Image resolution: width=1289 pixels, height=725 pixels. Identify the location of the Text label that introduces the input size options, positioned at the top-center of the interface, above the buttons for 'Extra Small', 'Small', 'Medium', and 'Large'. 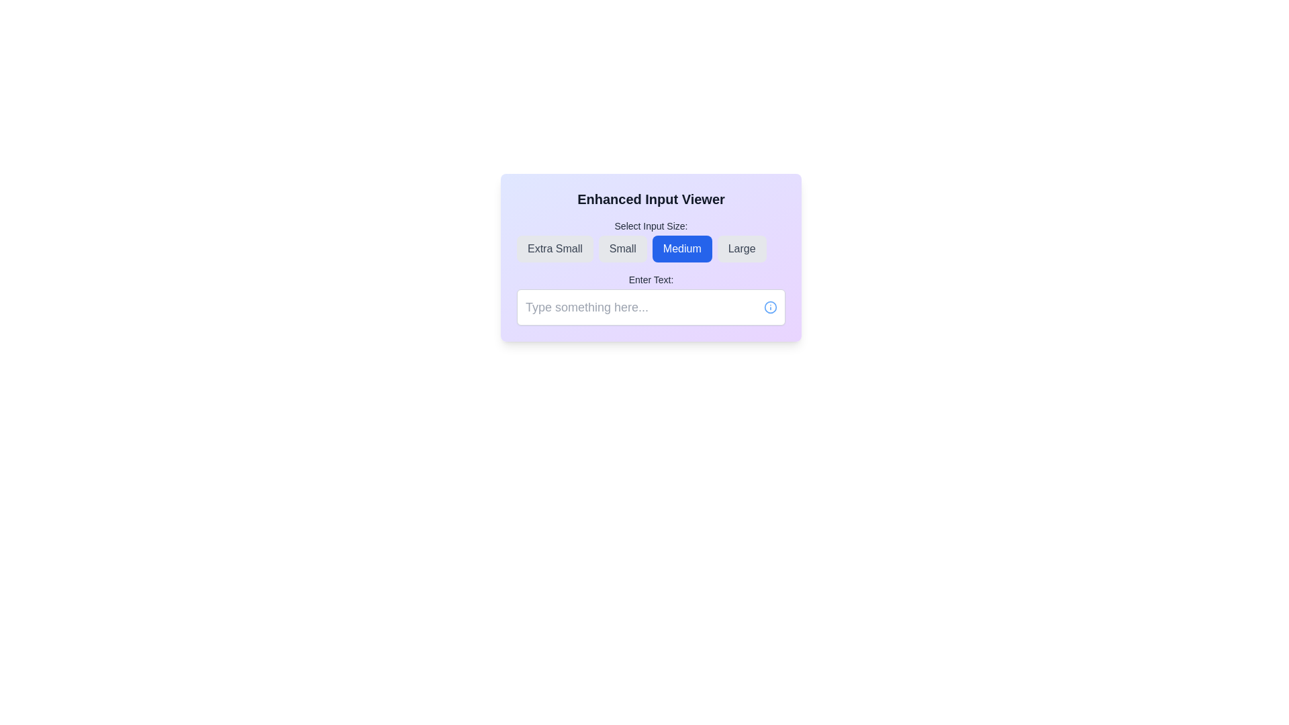
(651, 225).